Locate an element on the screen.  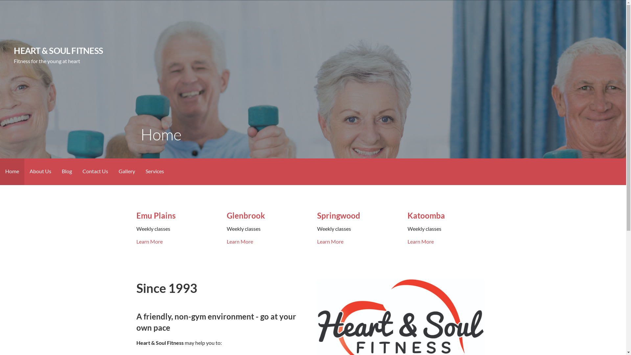
'Katoomba' is located at coordinates (426, 215).